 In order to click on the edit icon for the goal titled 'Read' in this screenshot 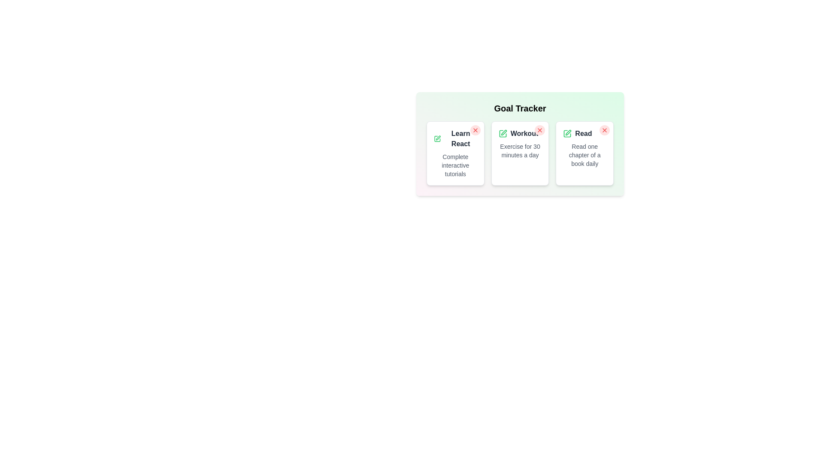, I will do `click(567, 134)`.